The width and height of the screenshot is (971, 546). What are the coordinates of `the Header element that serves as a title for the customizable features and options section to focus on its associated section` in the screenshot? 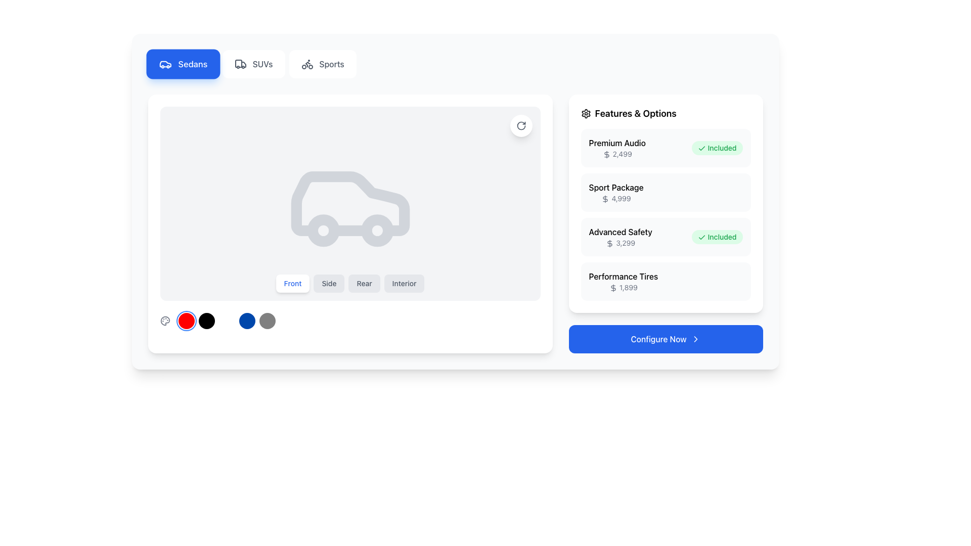 It's located at (666, 113).